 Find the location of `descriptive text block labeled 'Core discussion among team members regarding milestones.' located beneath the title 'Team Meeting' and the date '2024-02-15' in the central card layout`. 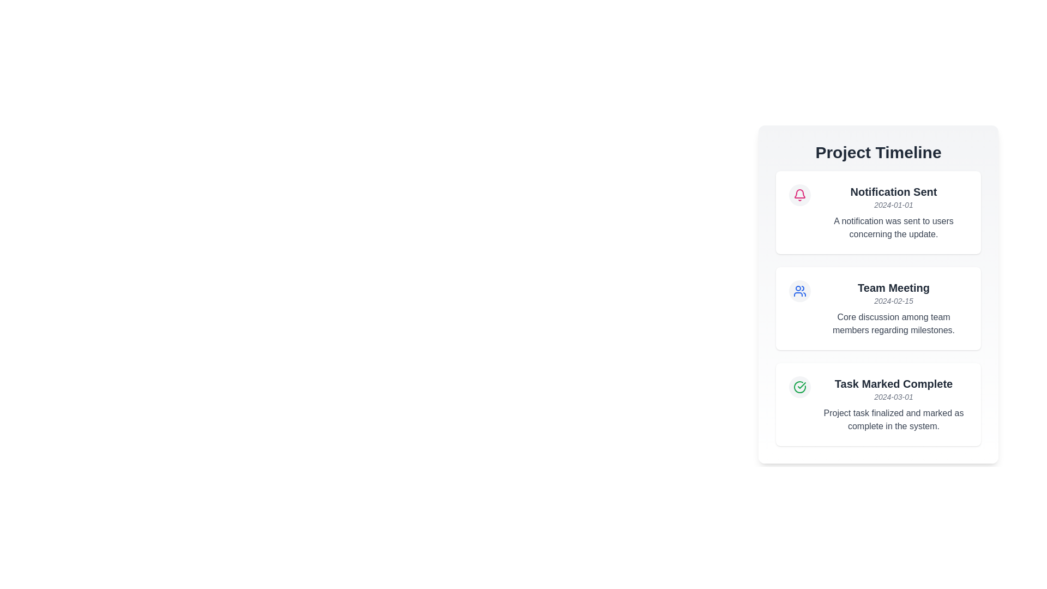

descriptive text block labeled 'Core discussion among team members regarding milestones.' located beneath the title 'Team Meeting' and the date '2024-02-15' in the central card layout is located at coordinates (893, 323).